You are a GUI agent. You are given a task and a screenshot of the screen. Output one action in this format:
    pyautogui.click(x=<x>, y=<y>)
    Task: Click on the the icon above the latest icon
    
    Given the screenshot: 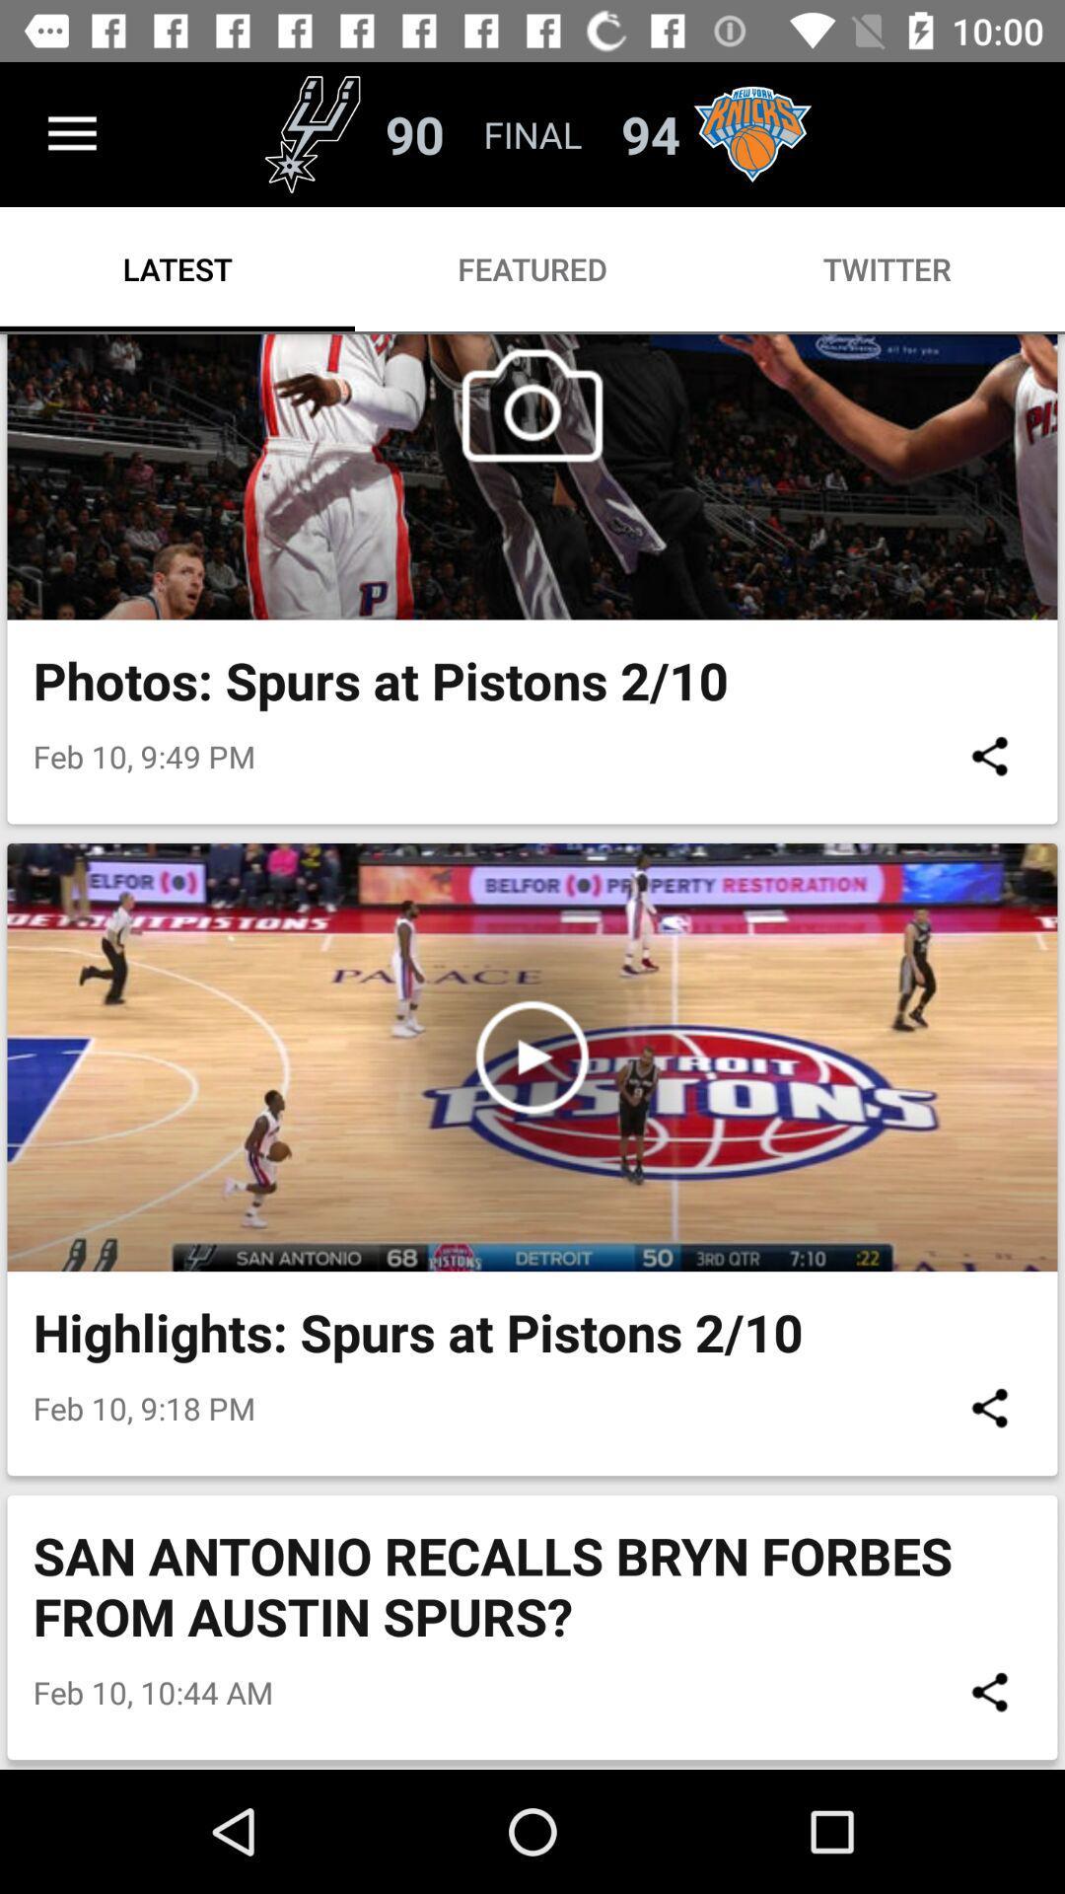 What is the action you would take?
    pyautogui.click(x=71, y=133)
    